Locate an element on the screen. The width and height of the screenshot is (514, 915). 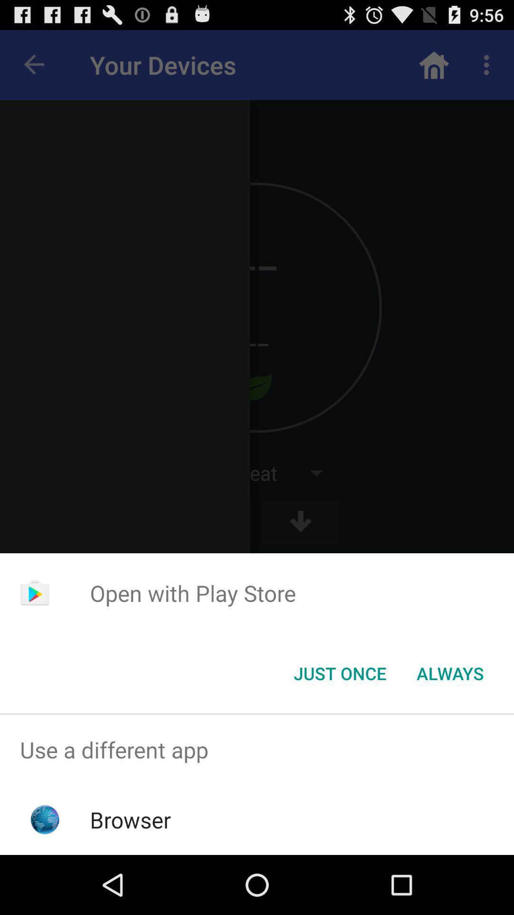
the always item is located at coordinates (450, 672).